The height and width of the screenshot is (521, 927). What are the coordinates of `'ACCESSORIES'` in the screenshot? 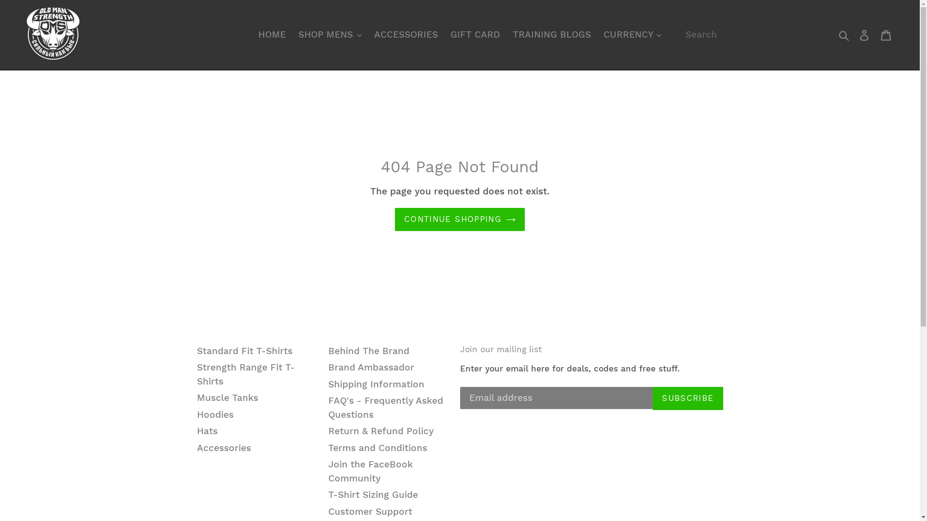 It's located at (368, 34).